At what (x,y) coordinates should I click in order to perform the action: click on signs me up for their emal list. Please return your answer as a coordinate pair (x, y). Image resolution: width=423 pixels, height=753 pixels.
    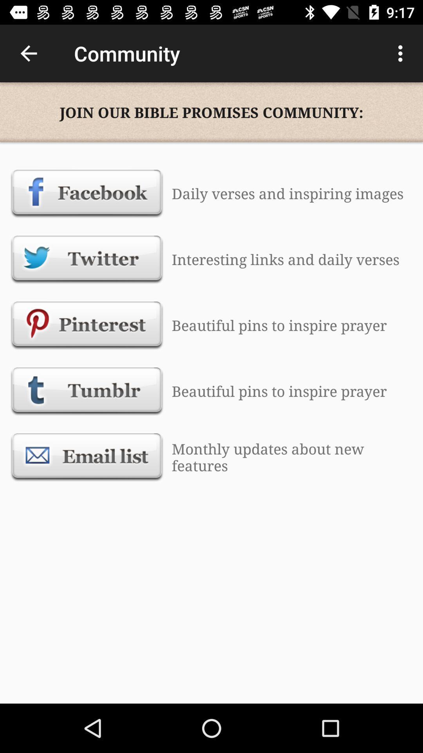
    Looking at the image, I should click on (87, 457).